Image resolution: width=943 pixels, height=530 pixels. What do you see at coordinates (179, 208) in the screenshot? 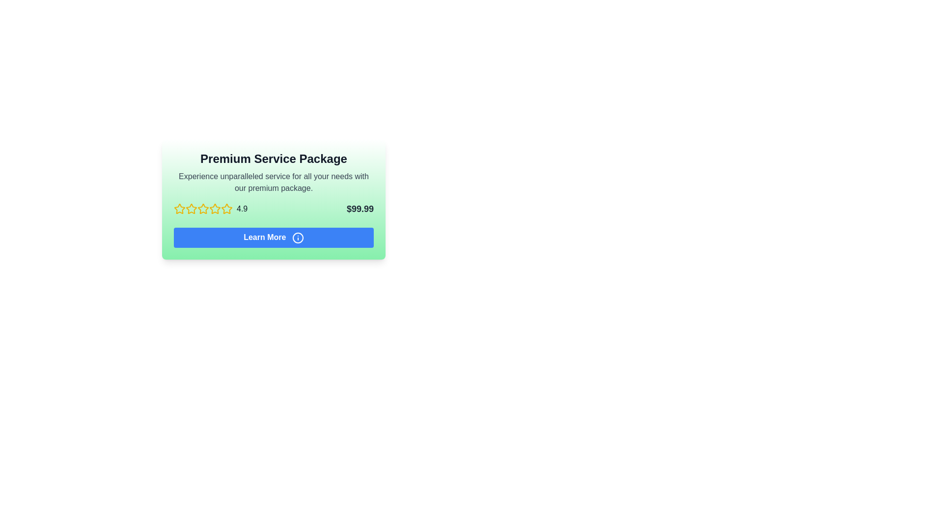
I see `the first Rating Star Icon with a yellow border and hollow center, part of the rating system for the Premium Service Package card, located at the center of the interface` at bounding box center [179, 208].